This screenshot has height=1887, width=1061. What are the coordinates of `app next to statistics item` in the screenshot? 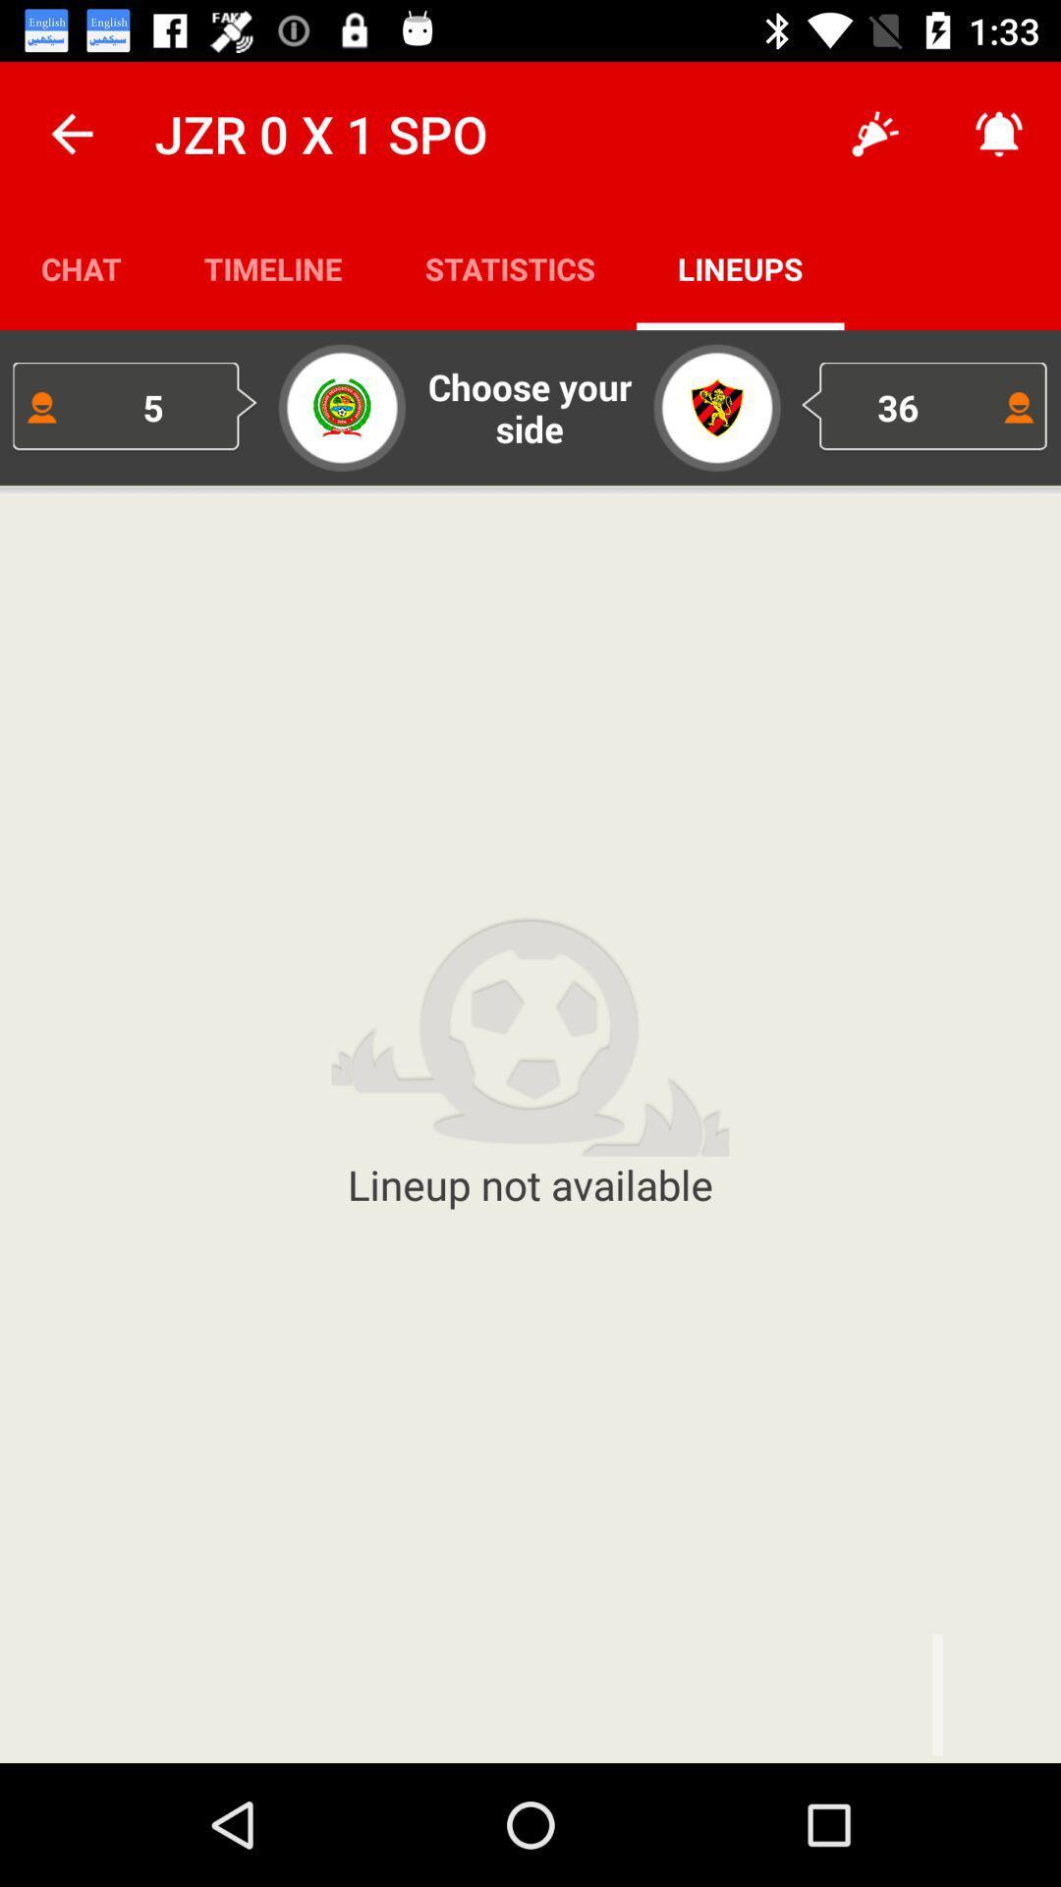 It's located at (273, 267).